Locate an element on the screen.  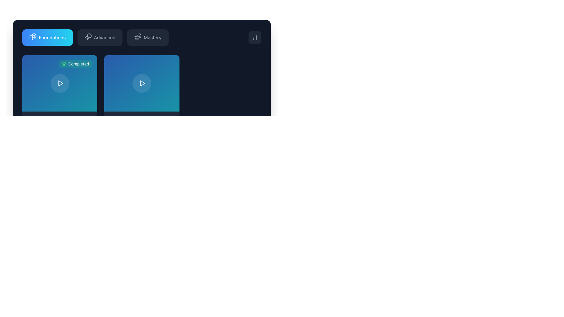
the play button in the center of the second visual card representing a topic or module located under the 'Foundations' section is located at coordinates (142, 108).